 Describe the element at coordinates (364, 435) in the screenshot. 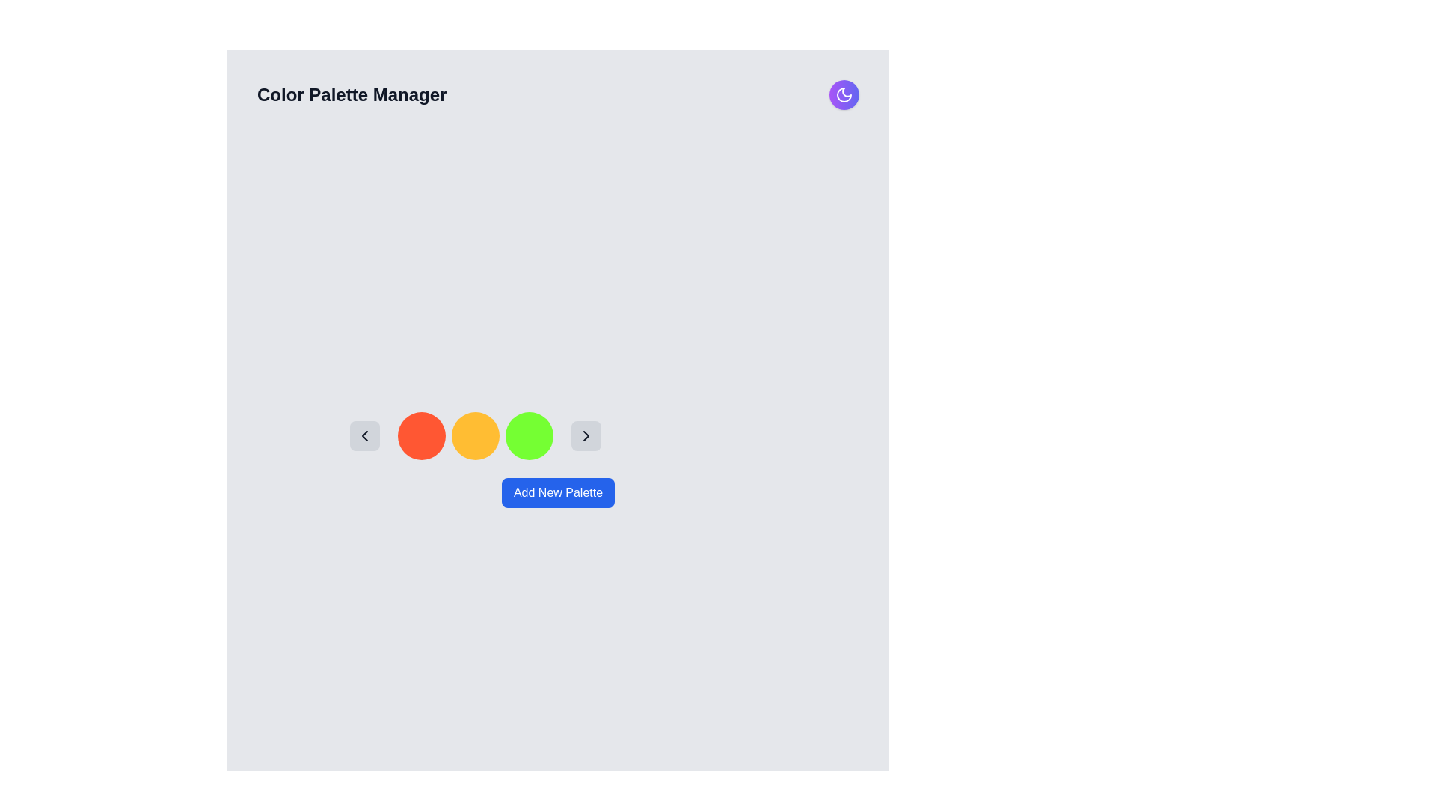

I see `the chevron icon button located in a gray rounded rectangle` at that location.